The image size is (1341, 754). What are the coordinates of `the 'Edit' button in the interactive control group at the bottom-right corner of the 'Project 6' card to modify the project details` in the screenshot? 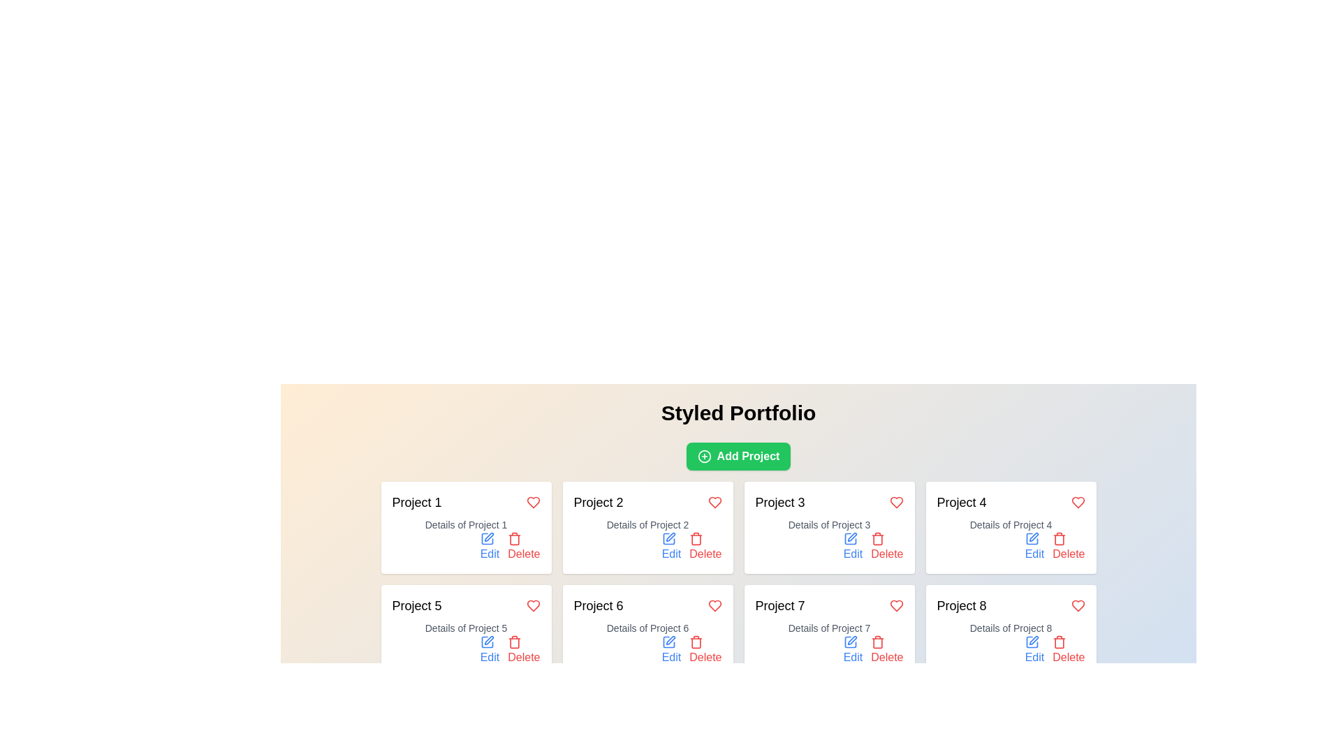 It's located at (647, 651).